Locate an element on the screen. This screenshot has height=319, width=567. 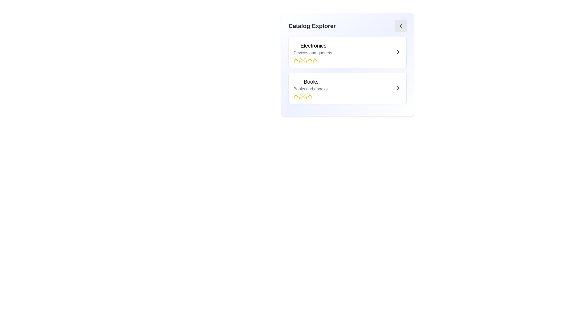
the sixth star icon in the rating system to indicate a rating is located at coordinates (310, 96).